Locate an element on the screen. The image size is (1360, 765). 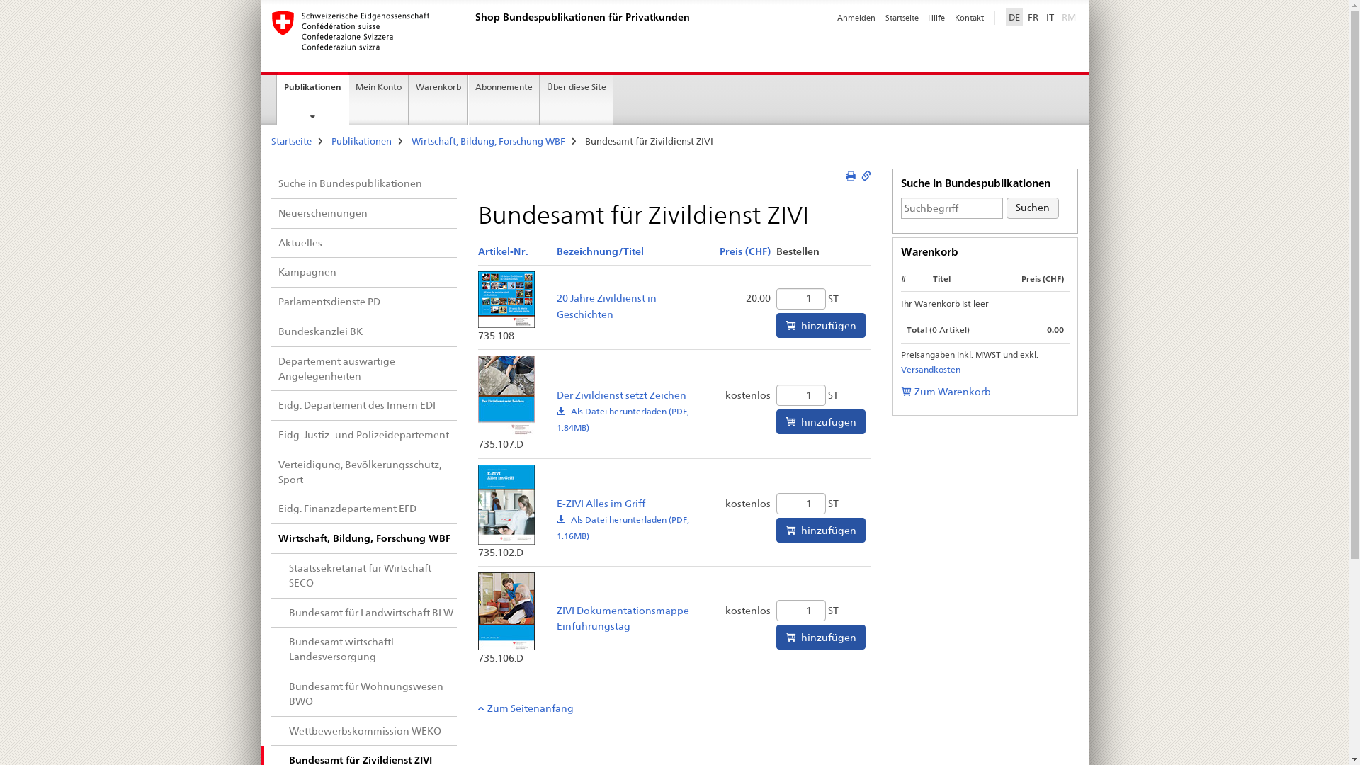
'Der Zivildienst setzt Zeichen' is located at coordinates (556, 395).